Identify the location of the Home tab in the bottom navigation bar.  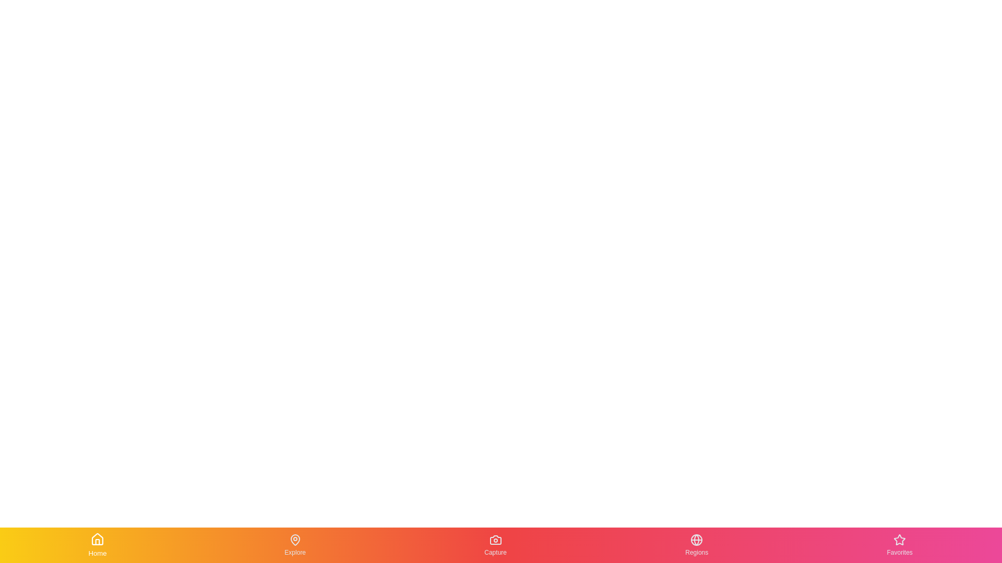
(98, 544).